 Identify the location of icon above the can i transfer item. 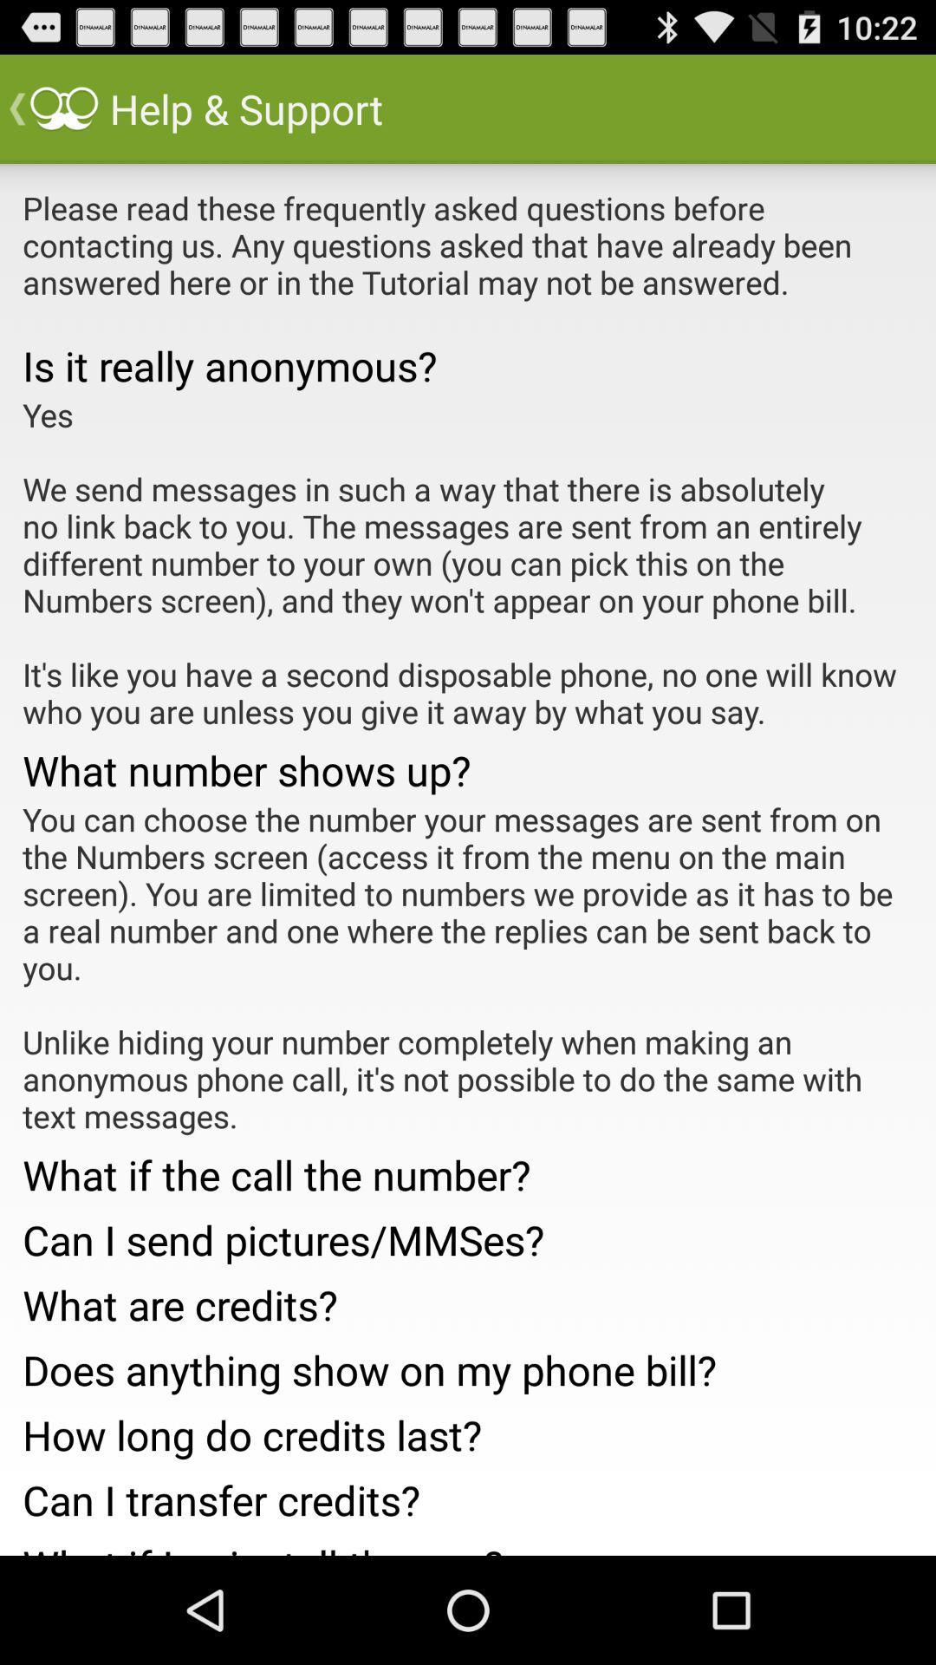
(468, 1430).